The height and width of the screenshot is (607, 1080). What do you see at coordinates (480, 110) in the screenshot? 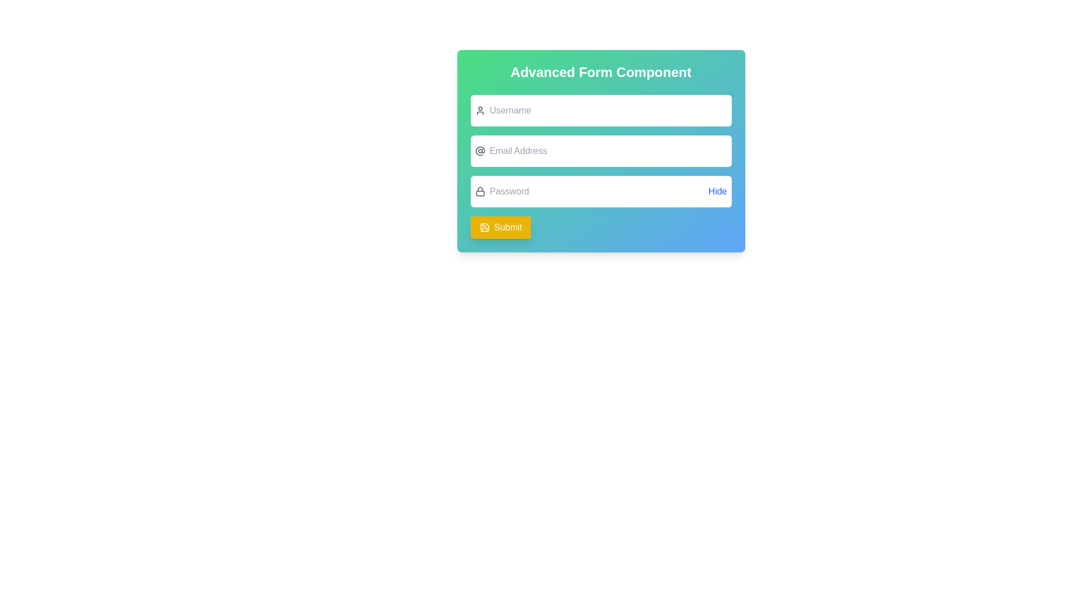
I see `the user icon styled in gray, which is located on the leftmost side of the username field, above the input area for the username` at bounding box center [480, 110].